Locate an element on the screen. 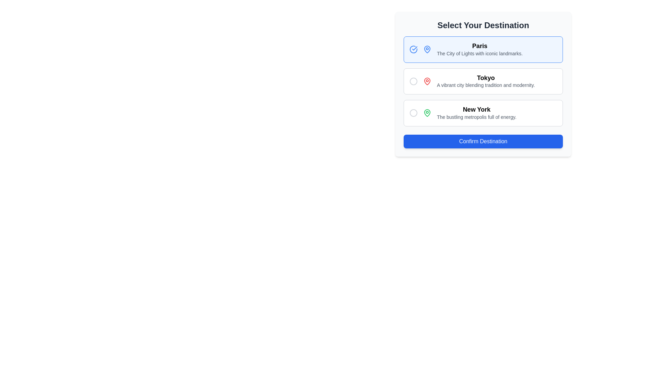 The width and height of the screenshot is (659, 371). the green pin-drop marker icon located in the 'Select Your Destination' card, which is to the left of the text 'New York' is located at coordinates (427, 112).